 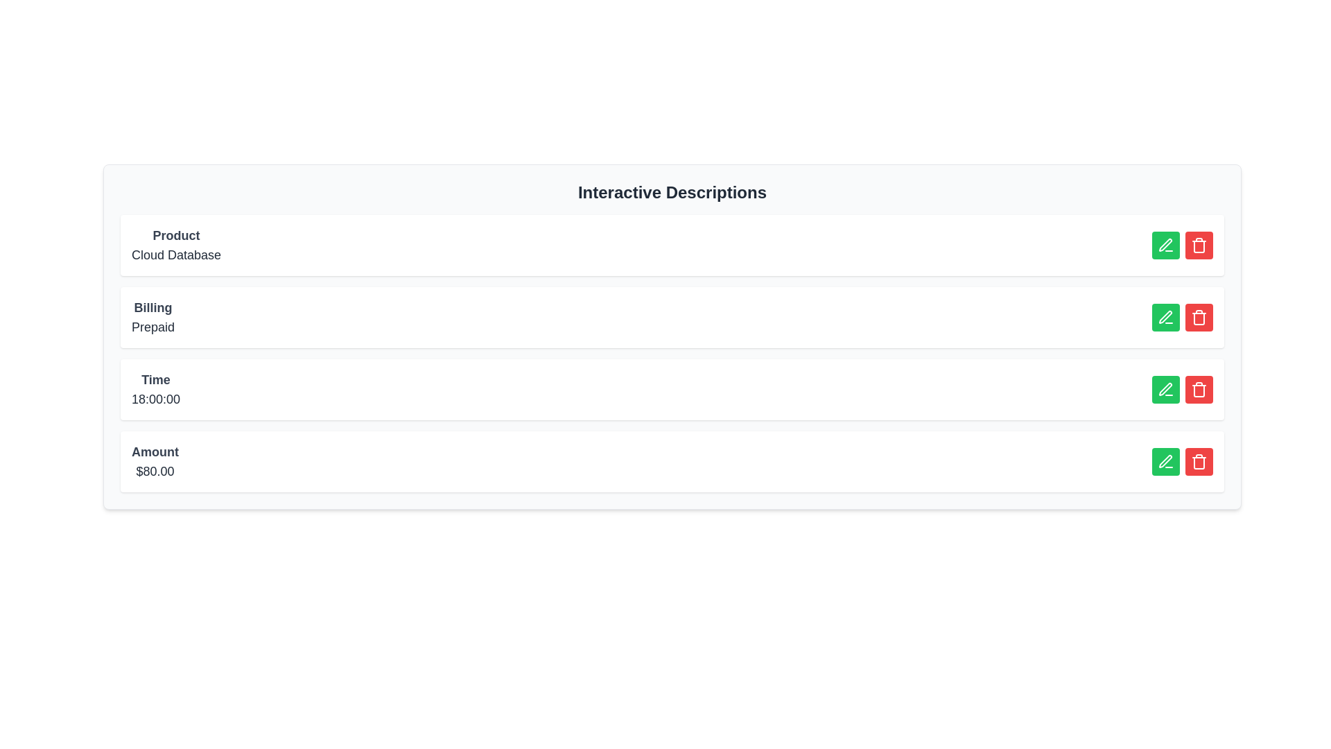 What do you see at coordinates (1165, 244) in the screenshot?
I see `the second icon from the right in the rightmost column of icons associated with the 'Product: Cloud Database' row, which is likely used for editing or modifying the entry` at bounding box center [1165, 244].